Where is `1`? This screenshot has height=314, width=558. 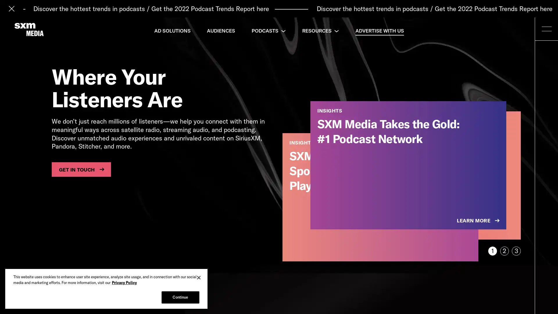
1 is located at coordinates (492, 251).